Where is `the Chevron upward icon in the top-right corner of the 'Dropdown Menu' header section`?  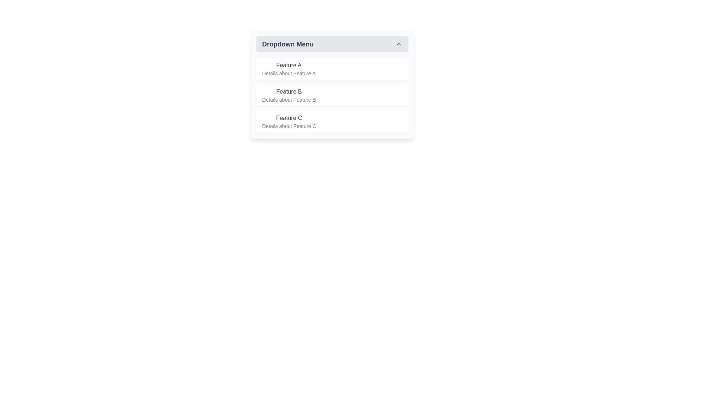
the Chevron upward icon in the top-right corner of the 'Dropdown Menu' header section is located at coordinates (398, 44).